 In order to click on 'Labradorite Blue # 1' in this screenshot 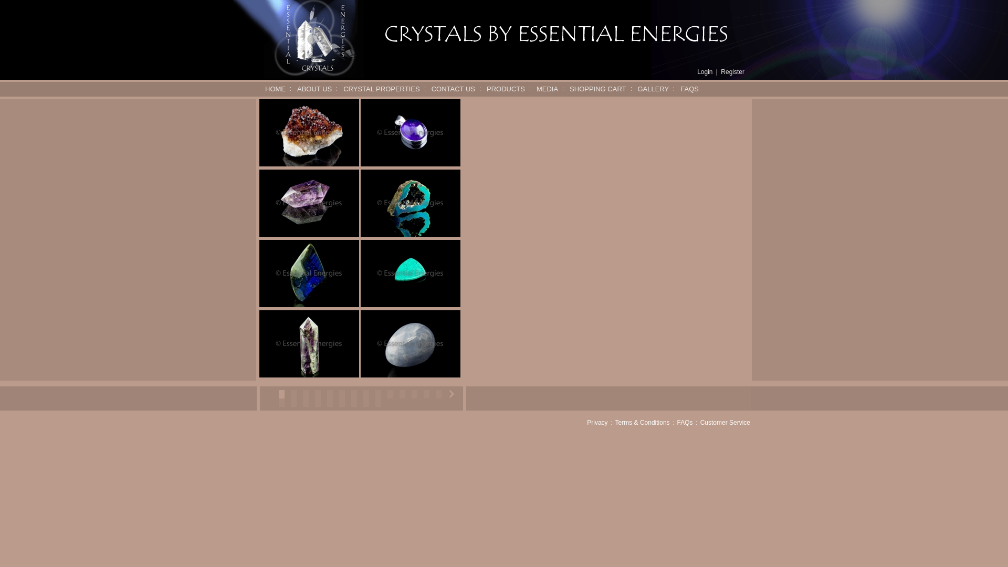, I will do `click(309, 272)`.